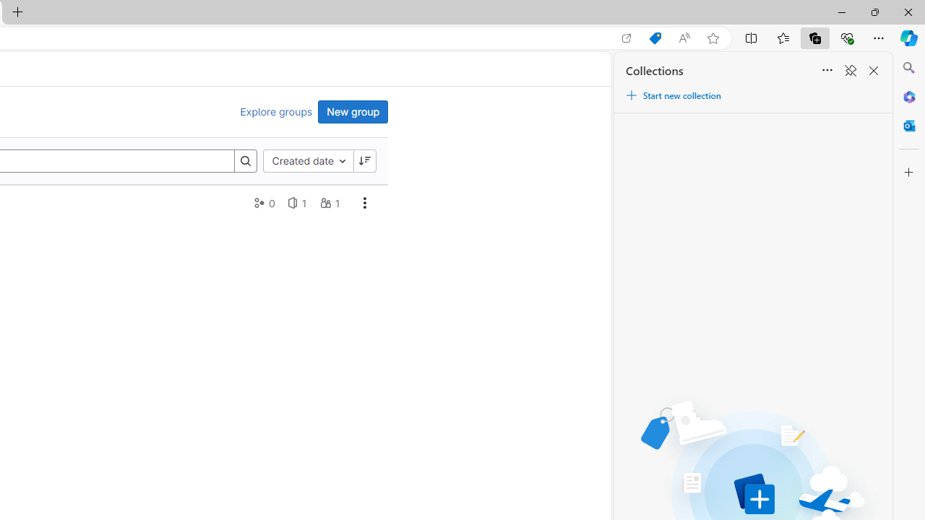  I want to click on 'Close Collections', so click(872, 71).